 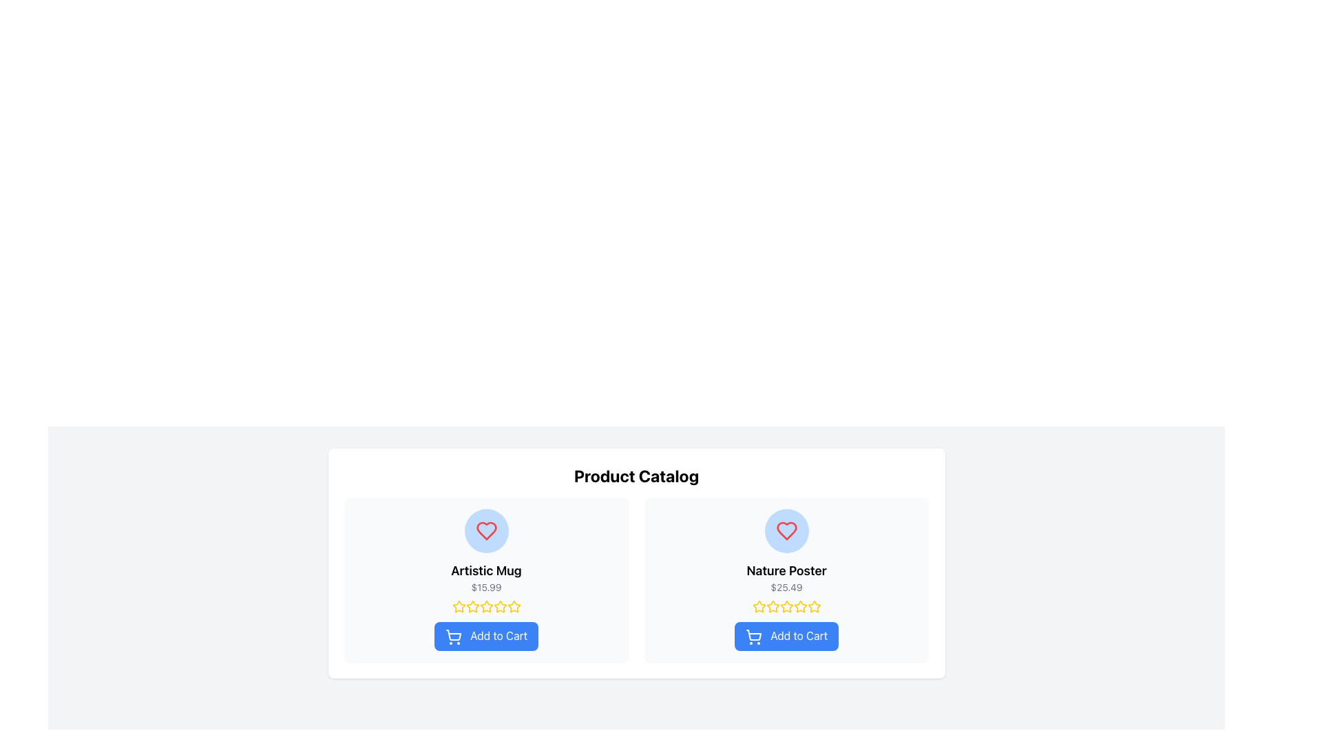 I want to click on the third star in the rating component below the price of the 'Artistic Mug' to set a rating, so click(x=472, y=606).